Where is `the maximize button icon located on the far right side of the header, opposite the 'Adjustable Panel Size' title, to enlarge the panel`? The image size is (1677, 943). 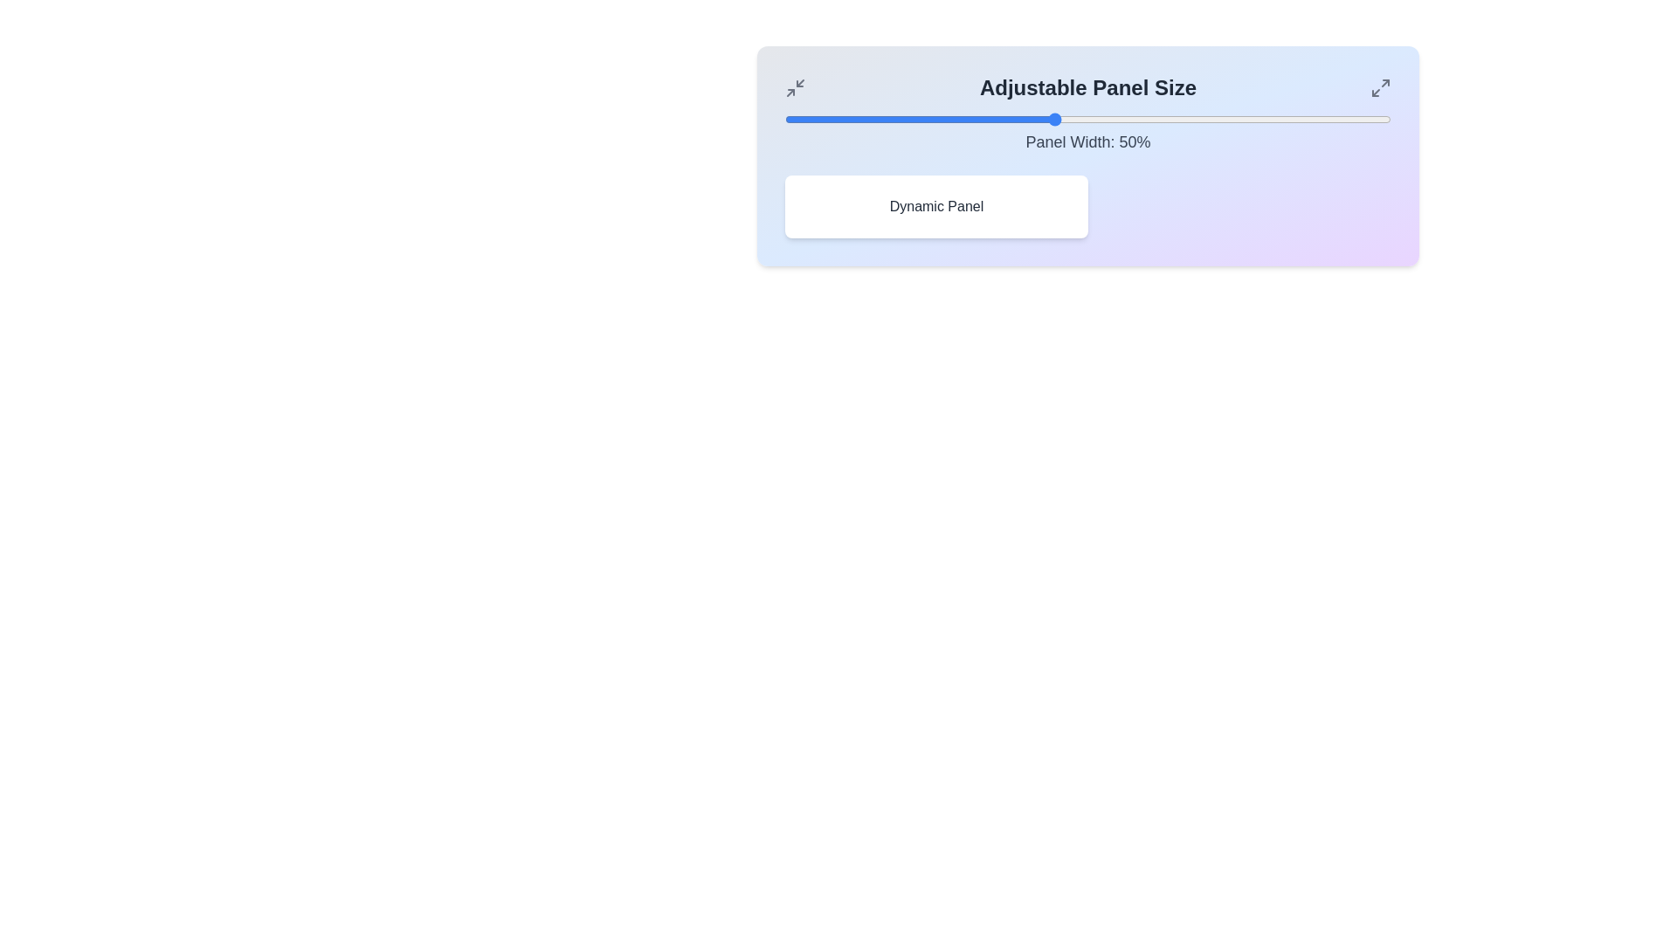 the maximize button icon located on the far right side of the header, opposite the 'Adjustable Panel Size' title, to enlarge the panel is located at coordinates (1379, 87).